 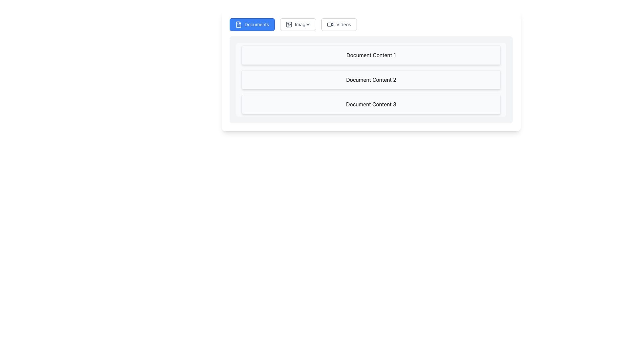 I want to click on the decorative icon fragment that symbolizes a document, located on the left side of the 'Documents' navigation tab, so click(x=239, y=24).